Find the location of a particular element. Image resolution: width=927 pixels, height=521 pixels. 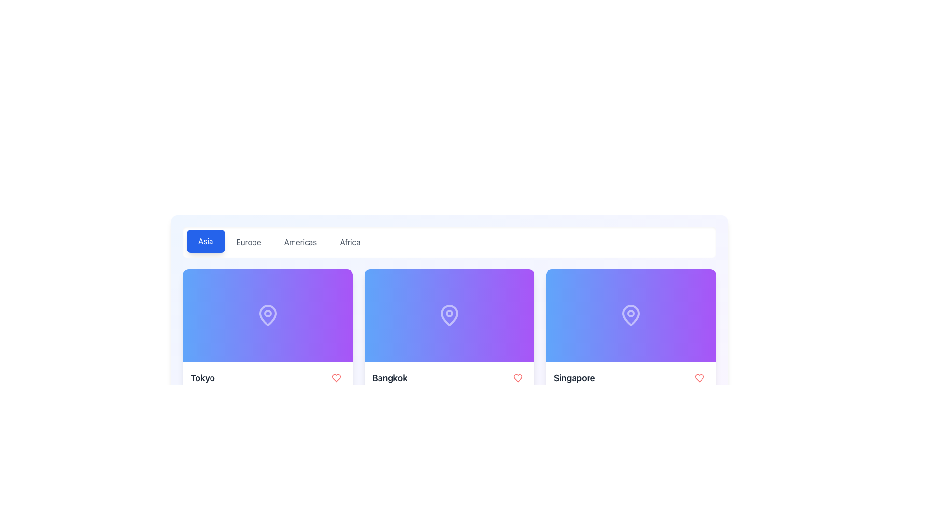

the 'Asia' button, which is the first button in a navigation bar filled with a vivid blue background and white text is located at coordinates (205, 241).